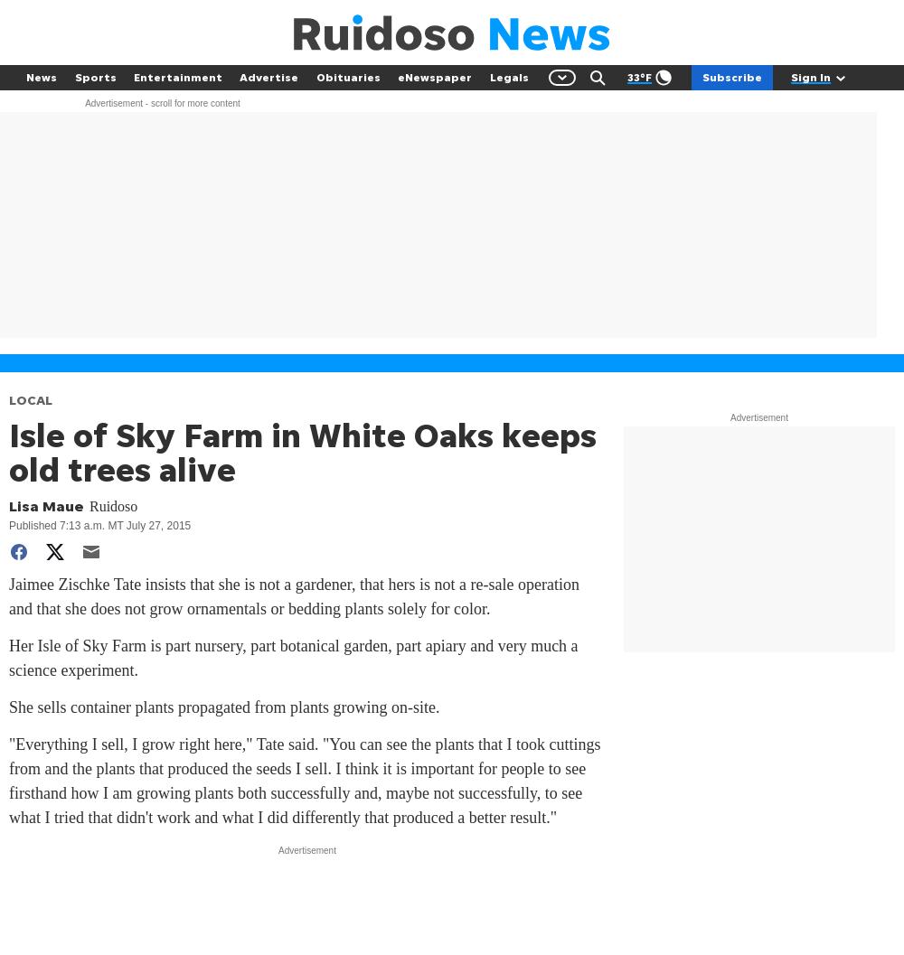 The height and width of the screenshot is (955, 904). I want to click on 'Her Isle of Sky Farm is part nursery, part botanical garden, part apiary and very much a science experiment.', so click(292, 657).